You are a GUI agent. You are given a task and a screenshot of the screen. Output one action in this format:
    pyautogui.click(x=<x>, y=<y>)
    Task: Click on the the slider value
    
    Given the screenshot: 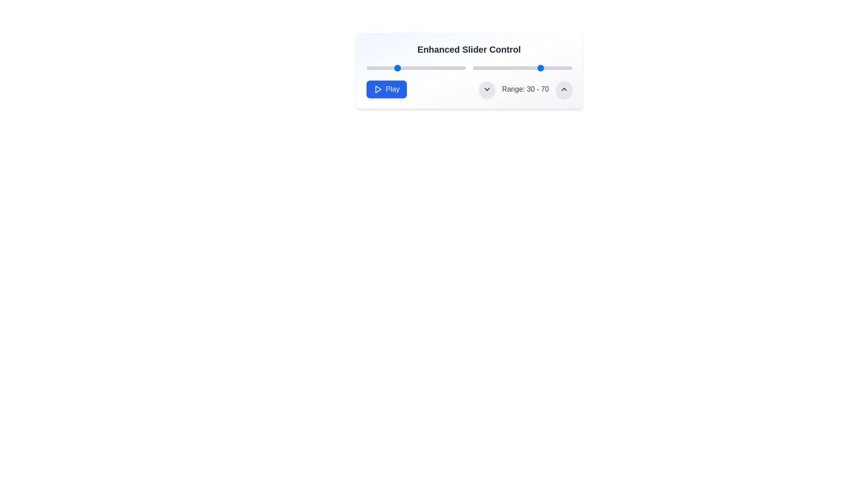 What is the action you would take?
    pyautogui.click(x=494, y=68)
    